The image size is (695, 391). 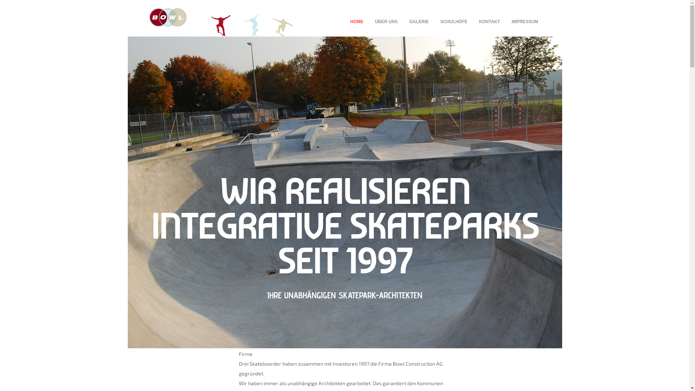 I want to click on 'IMPRESSUM', so click(x=525, y=21).